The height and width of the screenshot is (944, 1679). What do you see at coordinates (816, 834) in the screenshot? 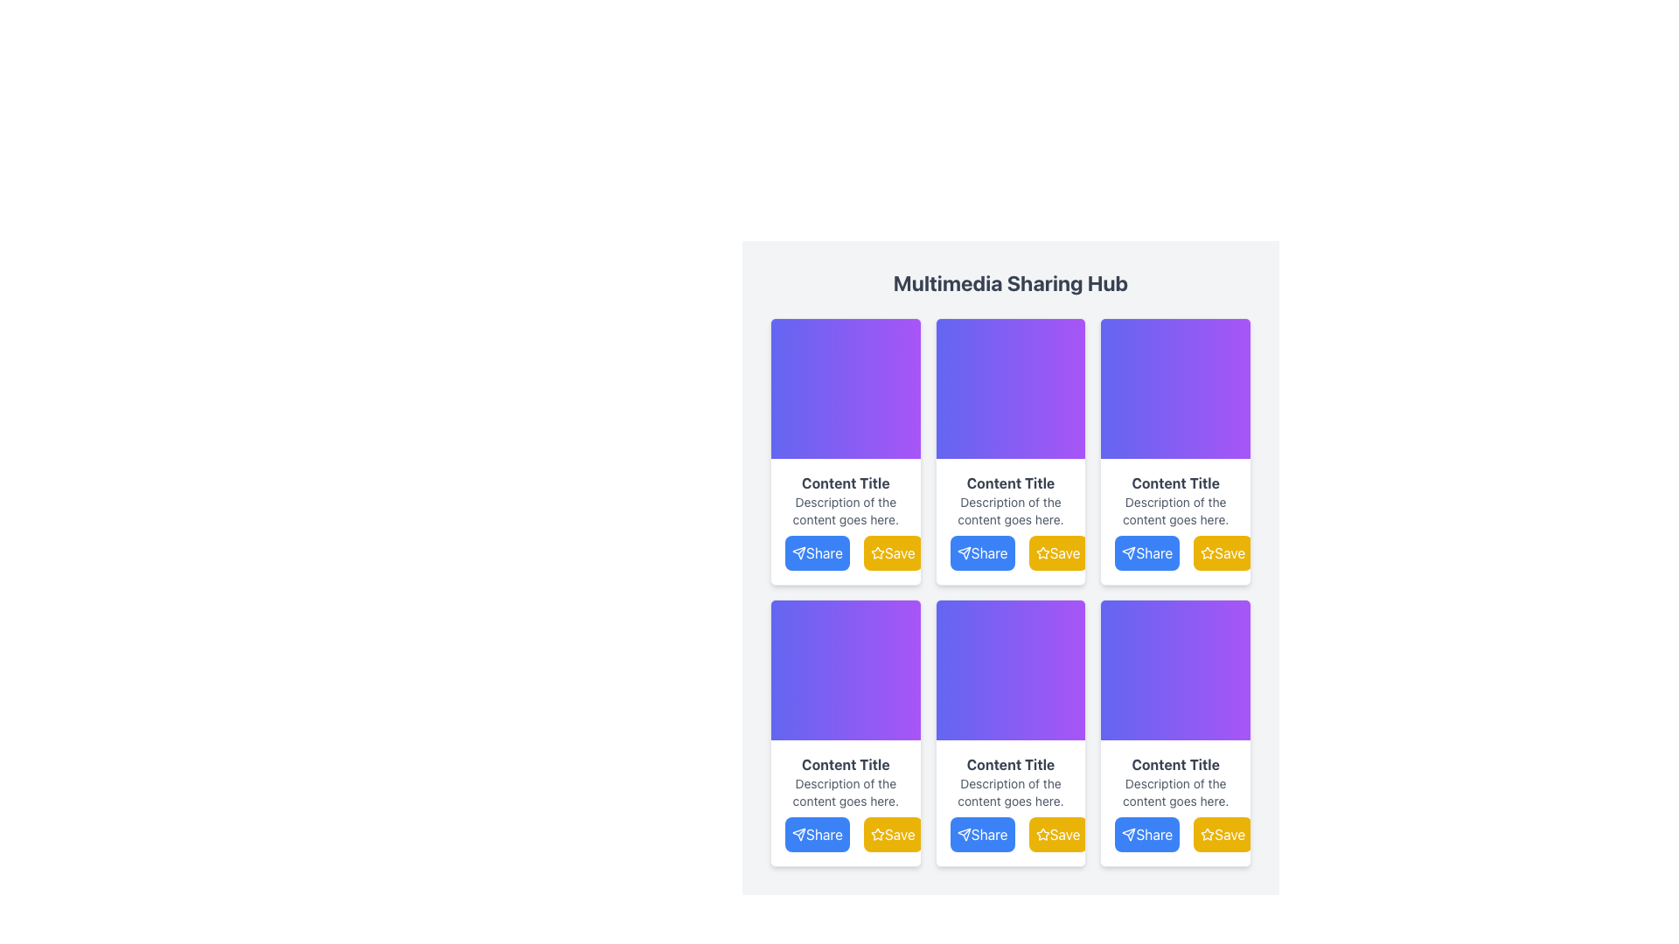
I see `the 'Share' button located at the bottom left part of the content card in the second row and first column of a 3x3 grid layout` at bounding box center [816, 834].